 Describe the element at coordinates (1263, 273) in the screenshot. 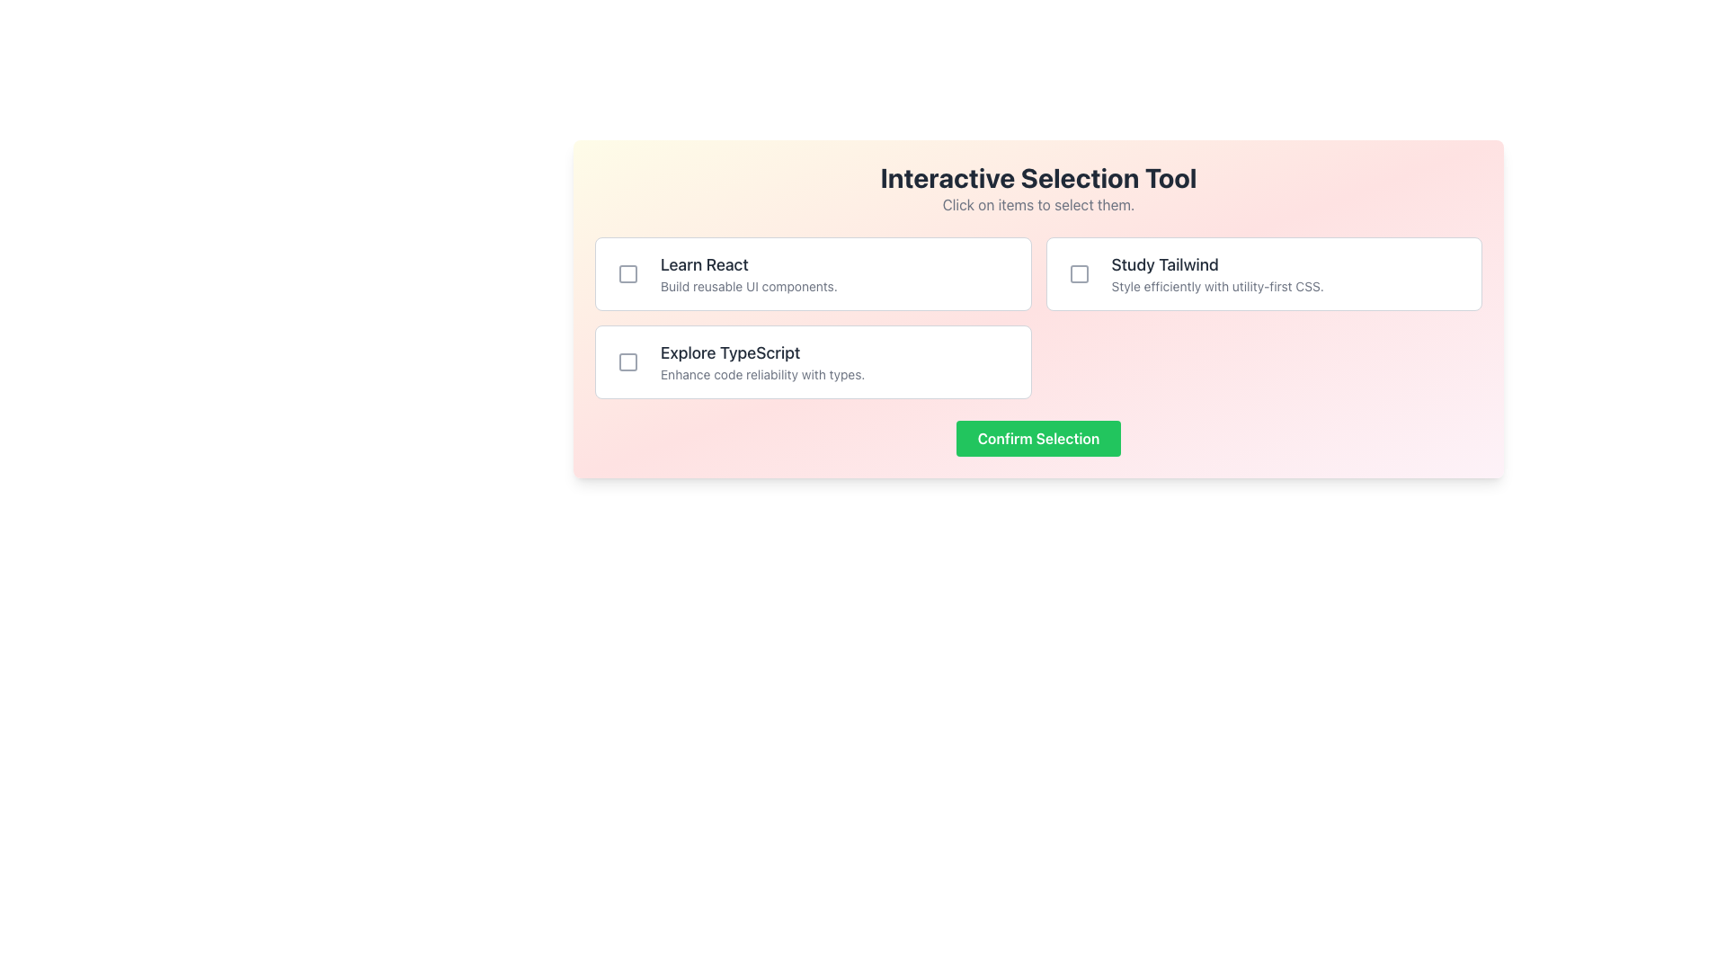

I see `the 'Study Tailwind' checkbox list item, which is the second item in its row, located in the top-right section of the grid` at that location.